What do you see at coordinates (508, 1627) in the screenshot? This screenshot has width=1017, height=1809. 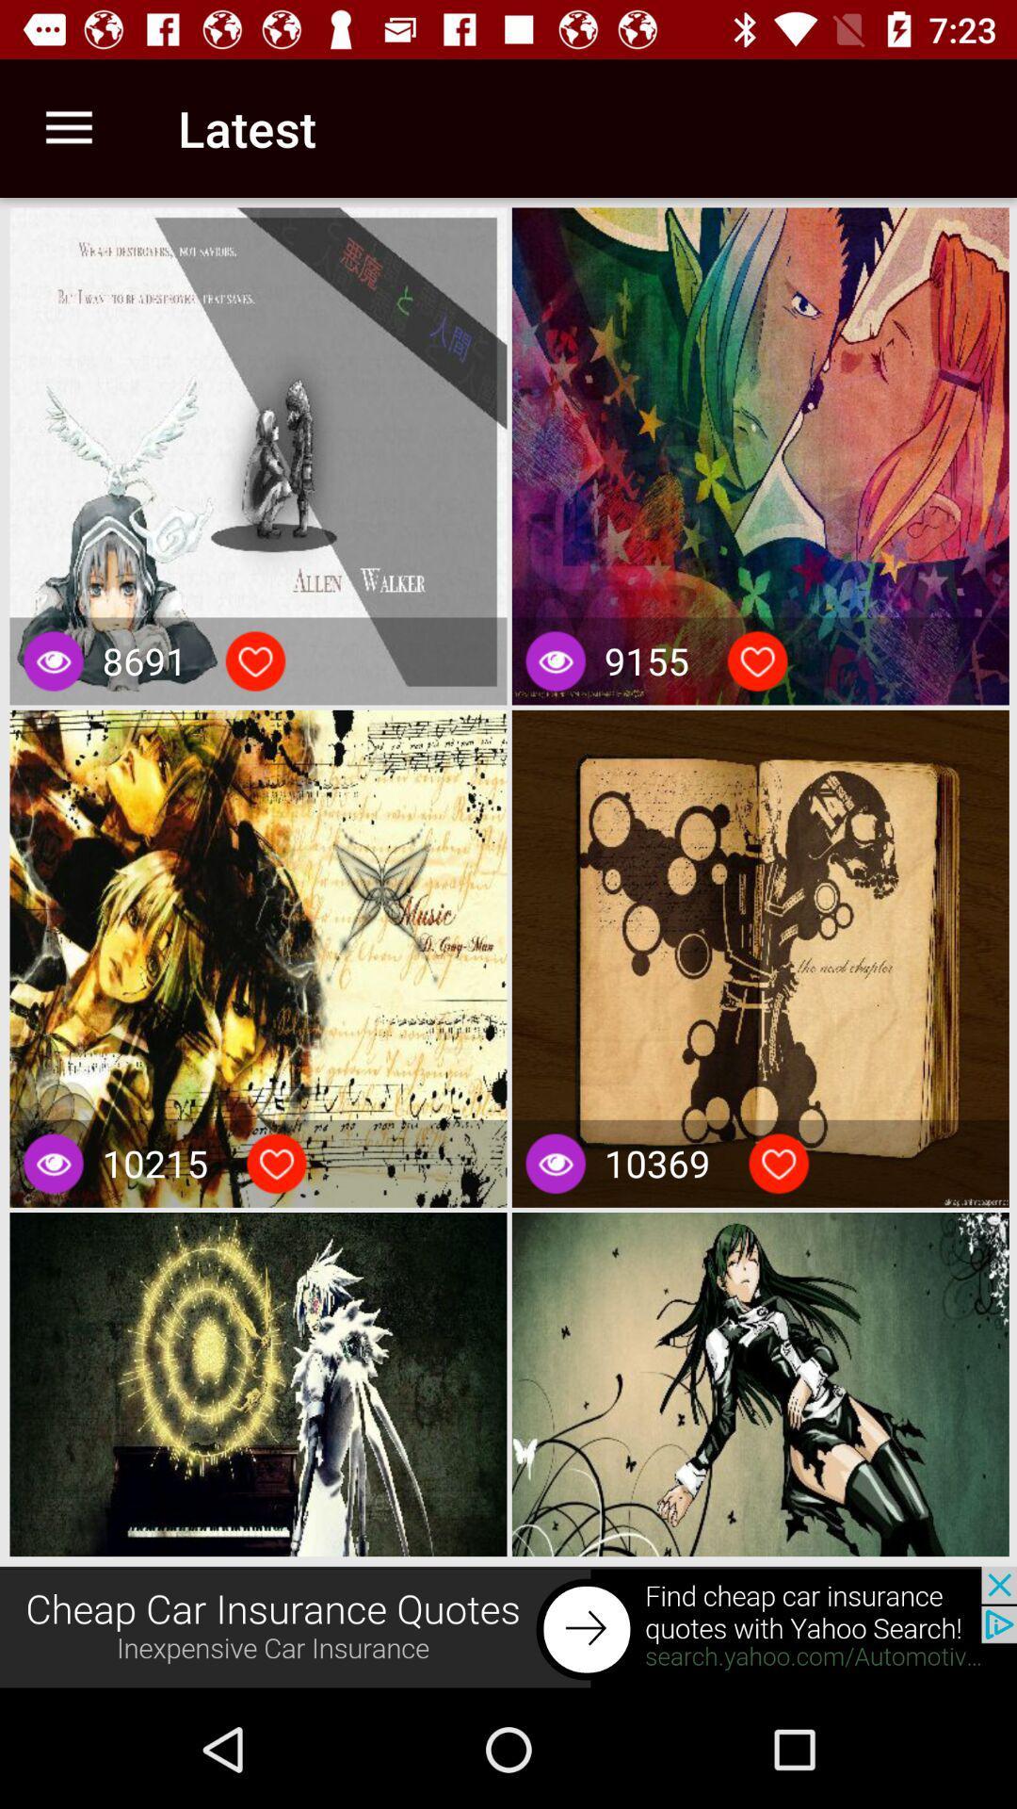 I see `clickable advertisement` at bounding box center [508, 1627].